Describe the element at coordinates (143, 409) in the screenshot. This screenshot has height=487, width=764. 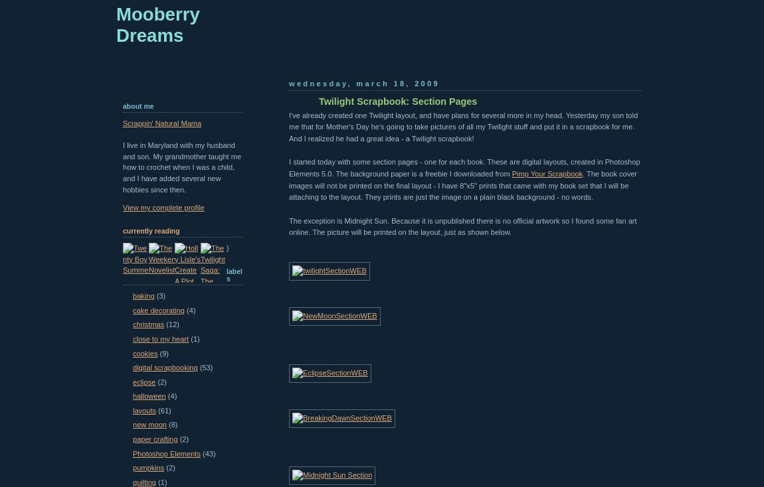
I see `'layouts'` at that location.